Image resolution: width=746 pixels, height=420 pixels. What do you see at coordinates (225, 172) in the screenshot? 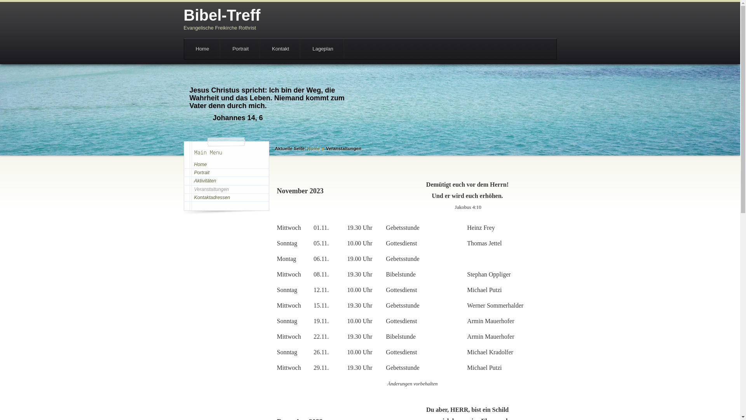
I see `'Portrait'` at bounding box center [225, 172].